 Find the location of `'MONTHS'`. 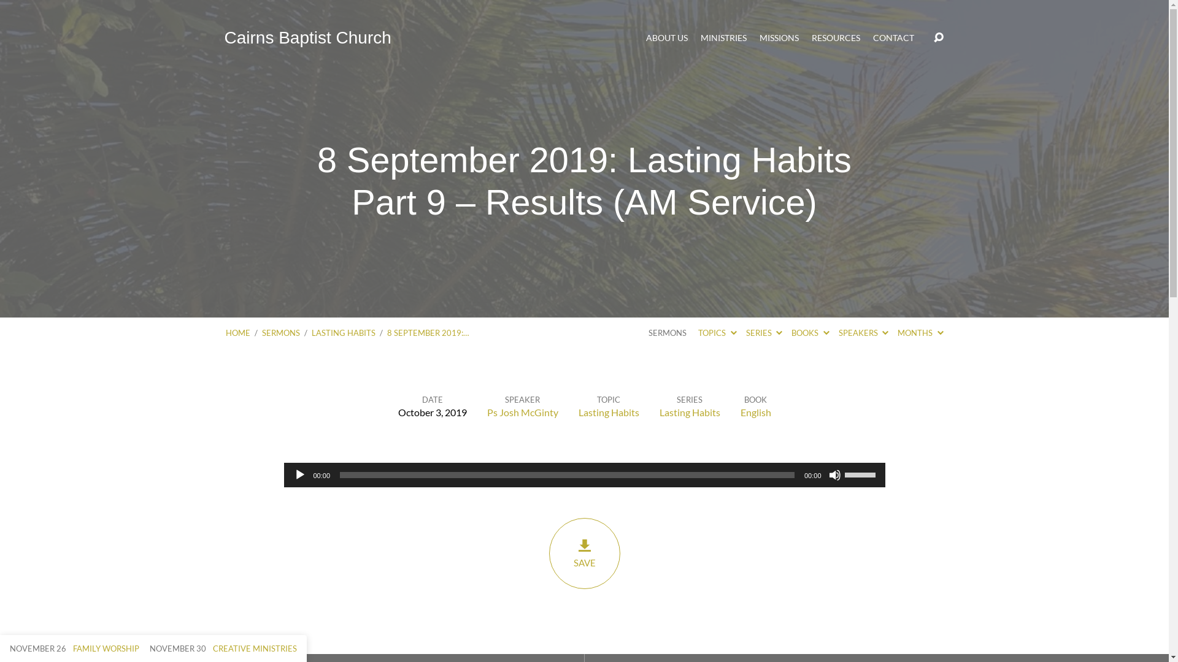

'MONTHS' is located at coordinates (920, 333).